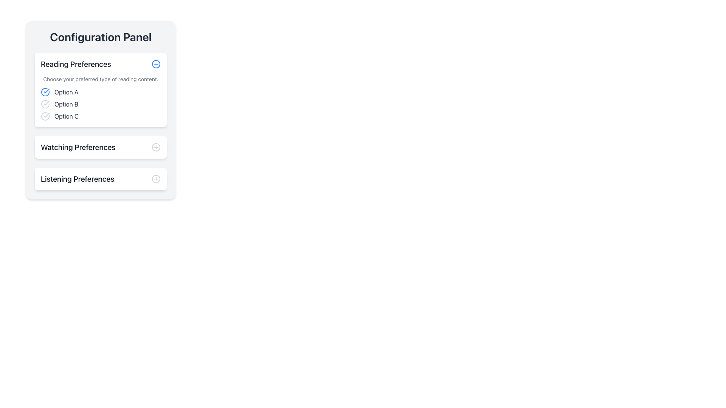  What do you see at coordinates (155, 179) in the screenshot?
I see `the circular vector graphic element located in the 'Listening Preferences' section of the configuration panel, which is part of an interaction icon positioned to the right of the section's label` at bounding box center [155, 179].